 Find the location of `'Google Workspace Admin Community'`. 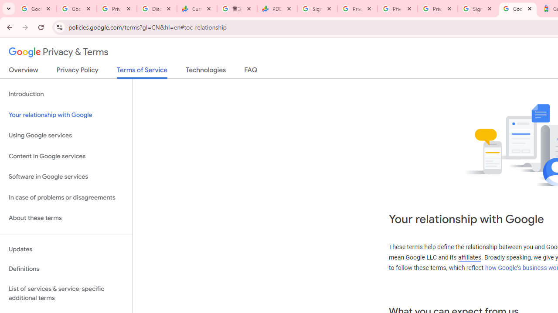

'Google Workspace Admin Community' is located at coordinates (36, 9).